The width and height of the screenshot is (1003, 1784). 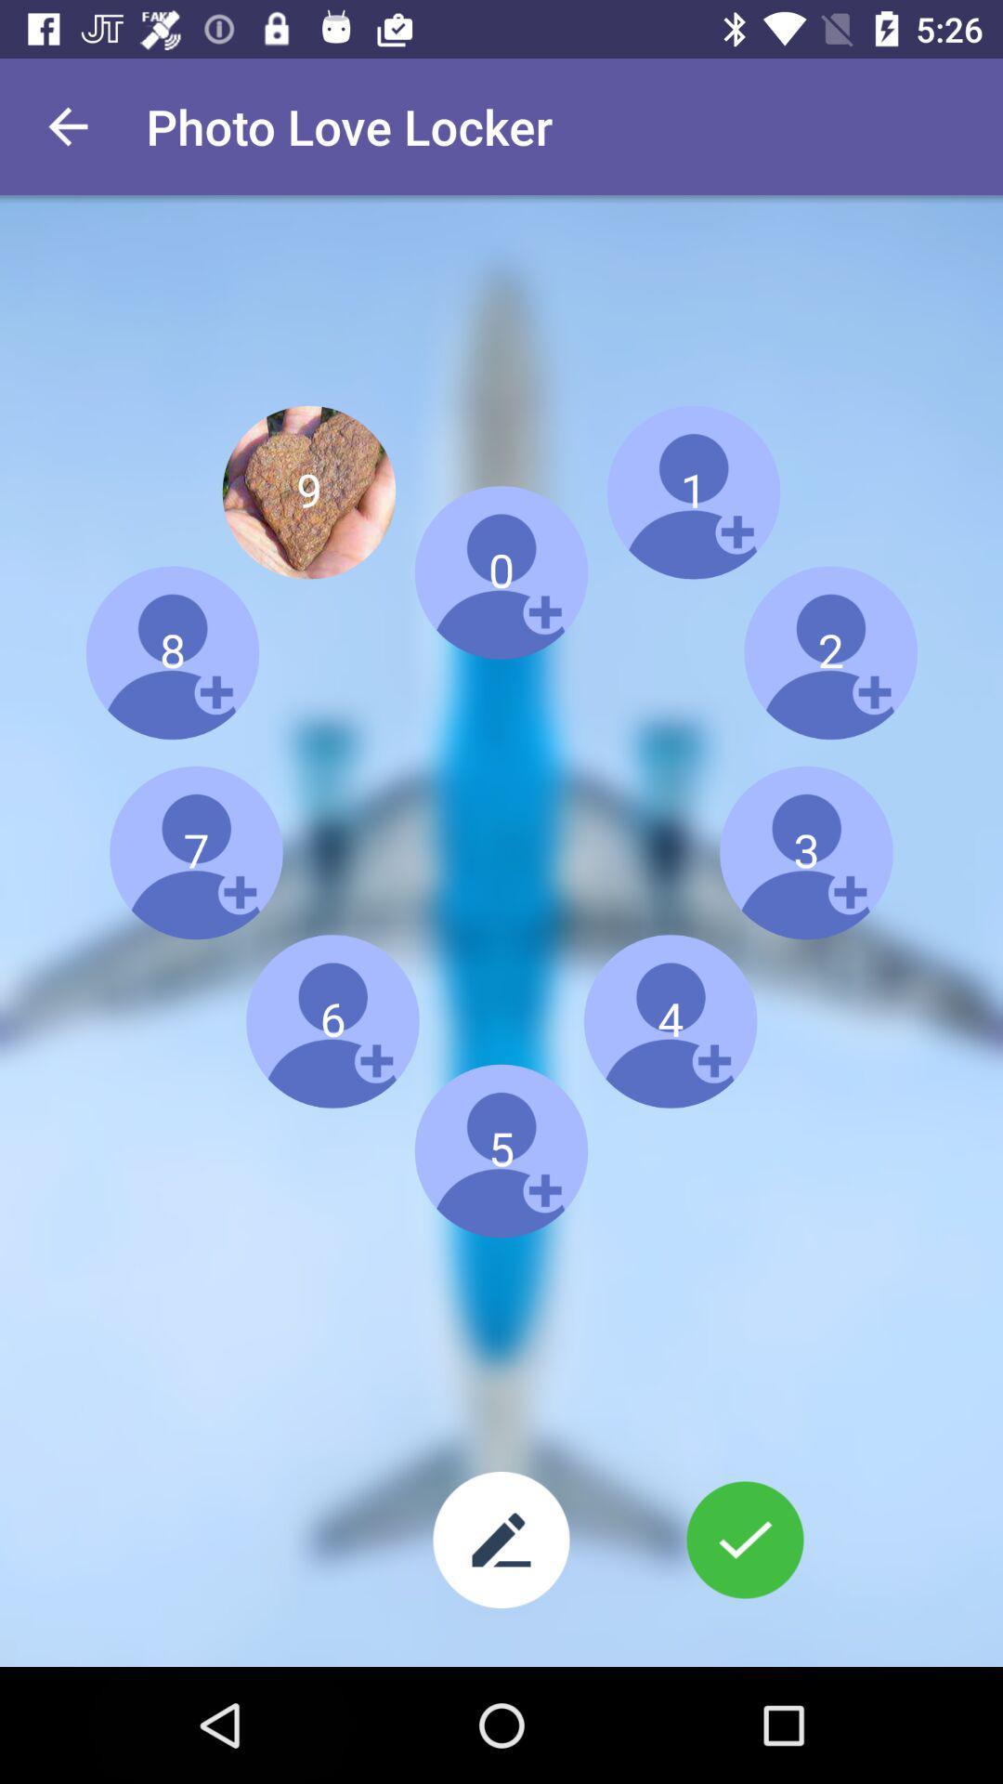 I want to click on edit images, so click(x=501, y=1540).